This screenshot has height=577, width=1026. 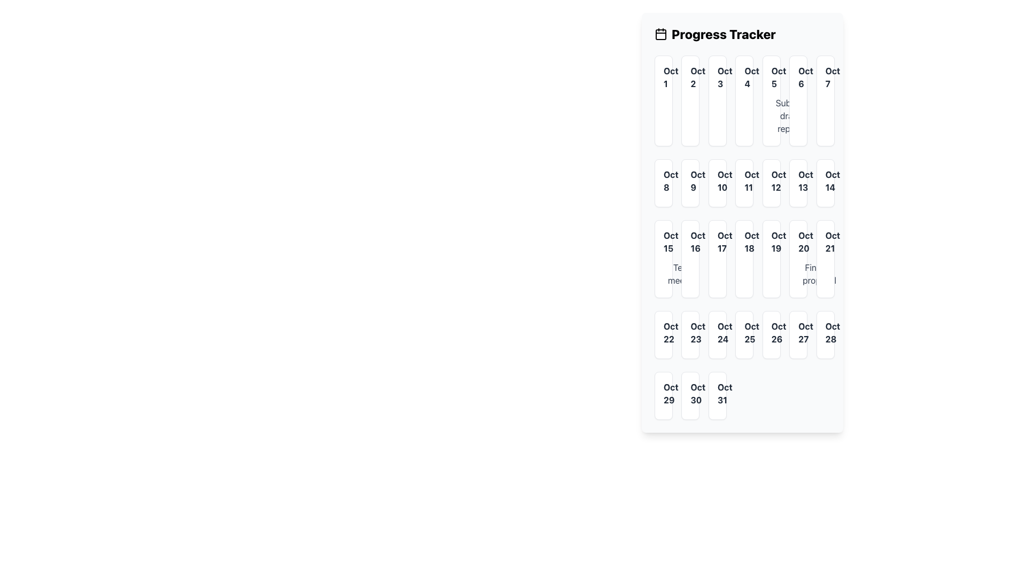 I want to click on the highlighted date 'October 23rd' in the calendar interface to interact with it, so click(x=690, y=334).